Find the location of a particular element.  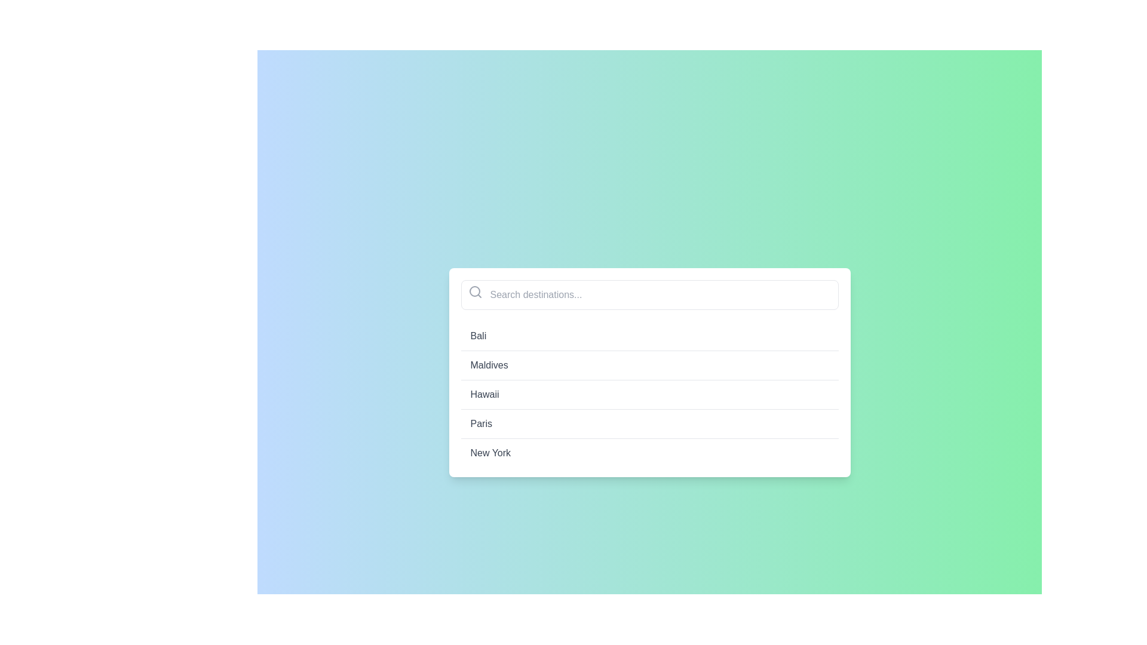

the fifth list item in the vertical list of destinations is located at coordinates (649, 453).